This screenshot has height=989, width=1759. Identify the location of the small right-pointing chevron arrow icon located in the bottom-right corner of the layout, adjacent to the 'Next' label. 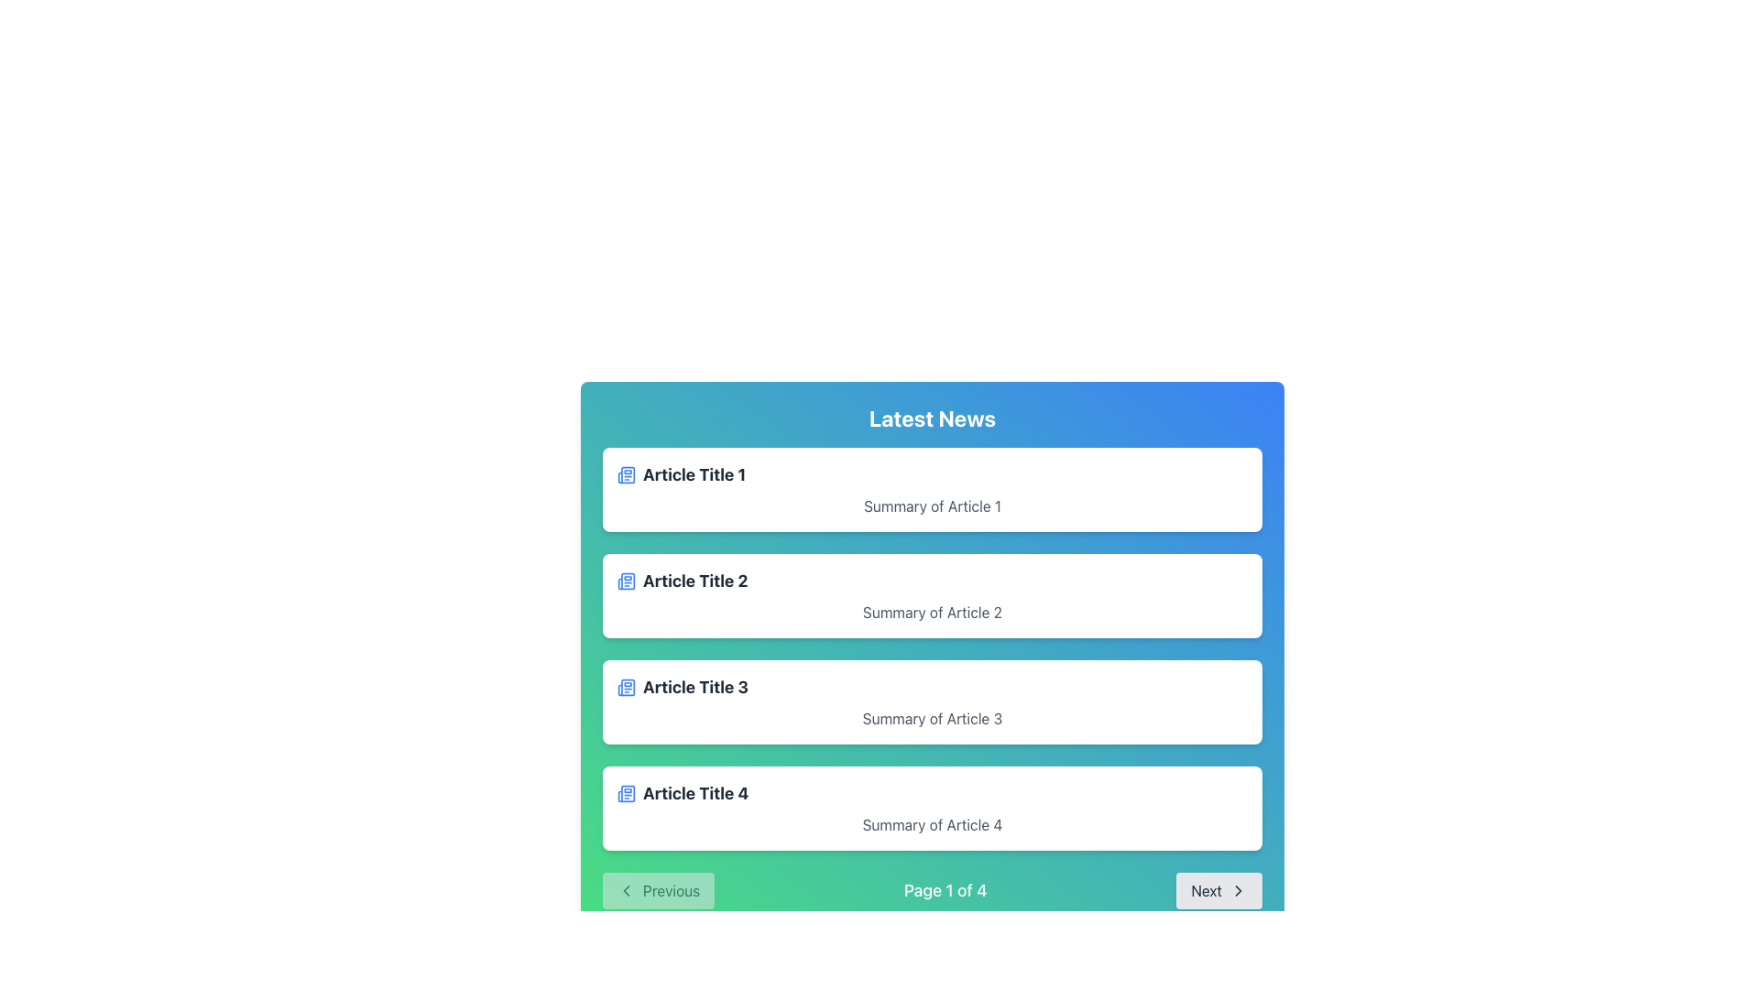
(1239, 889).